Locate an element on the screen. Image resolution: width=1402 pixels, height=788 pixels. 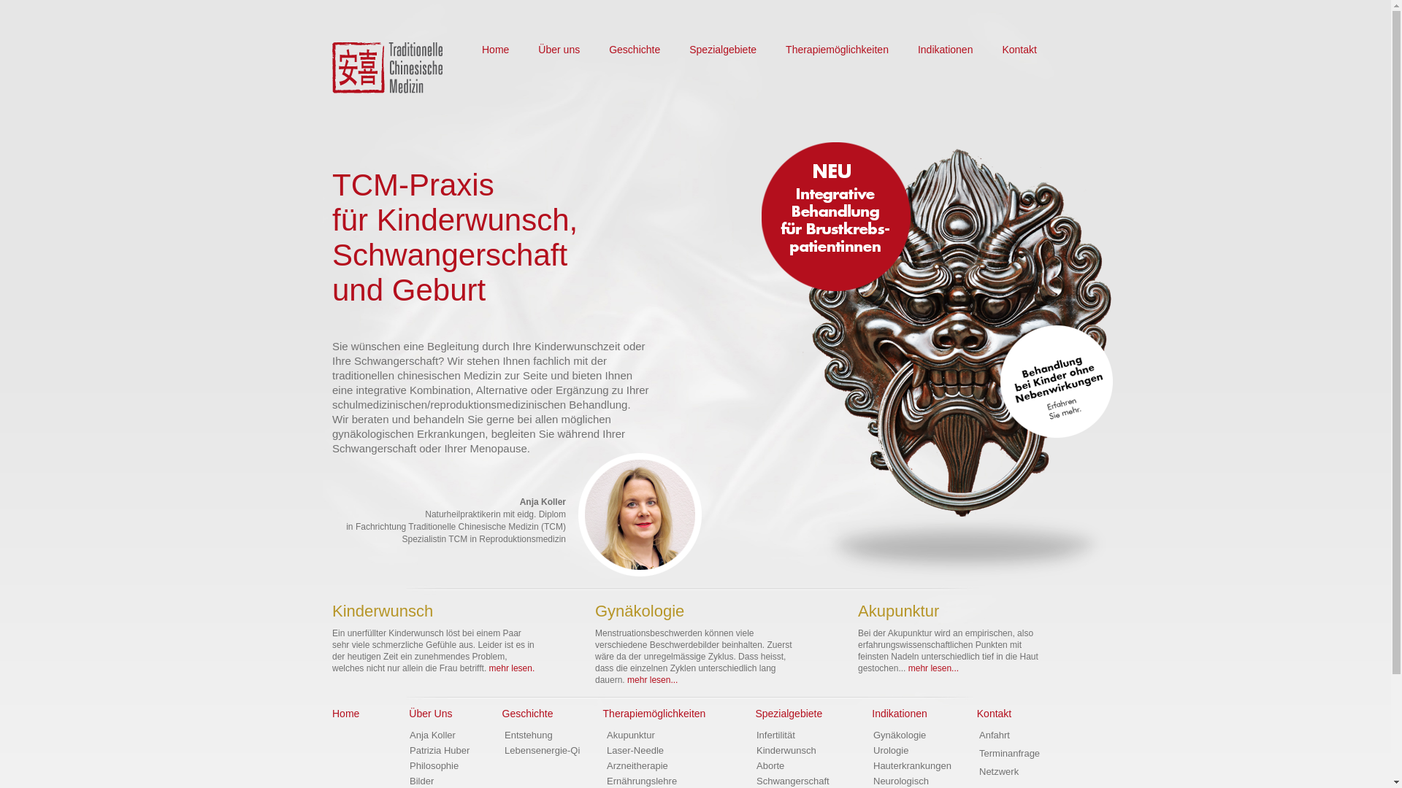
'Urologie' is located at coordinates (889, 750).